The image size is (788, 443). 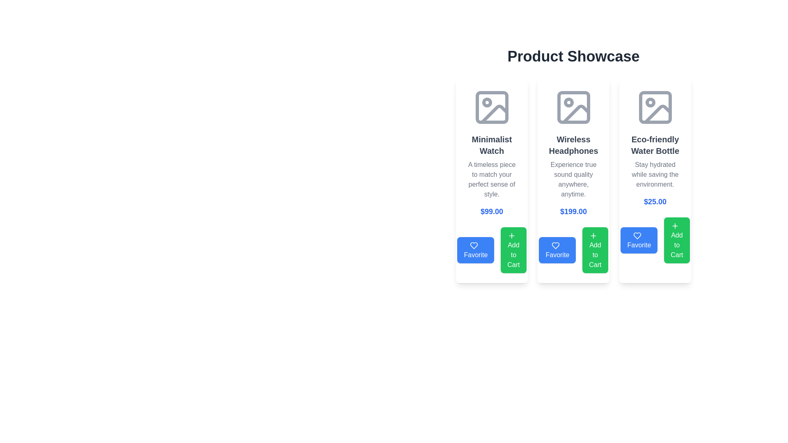 What do you see at coordinates (556, 245) in the screenshot?
I see `the heart-shaped icon within the blue 'Favorite' button at the bottom left corner of the 'Wireless Headphones' card` at bounding box center [556, 245].